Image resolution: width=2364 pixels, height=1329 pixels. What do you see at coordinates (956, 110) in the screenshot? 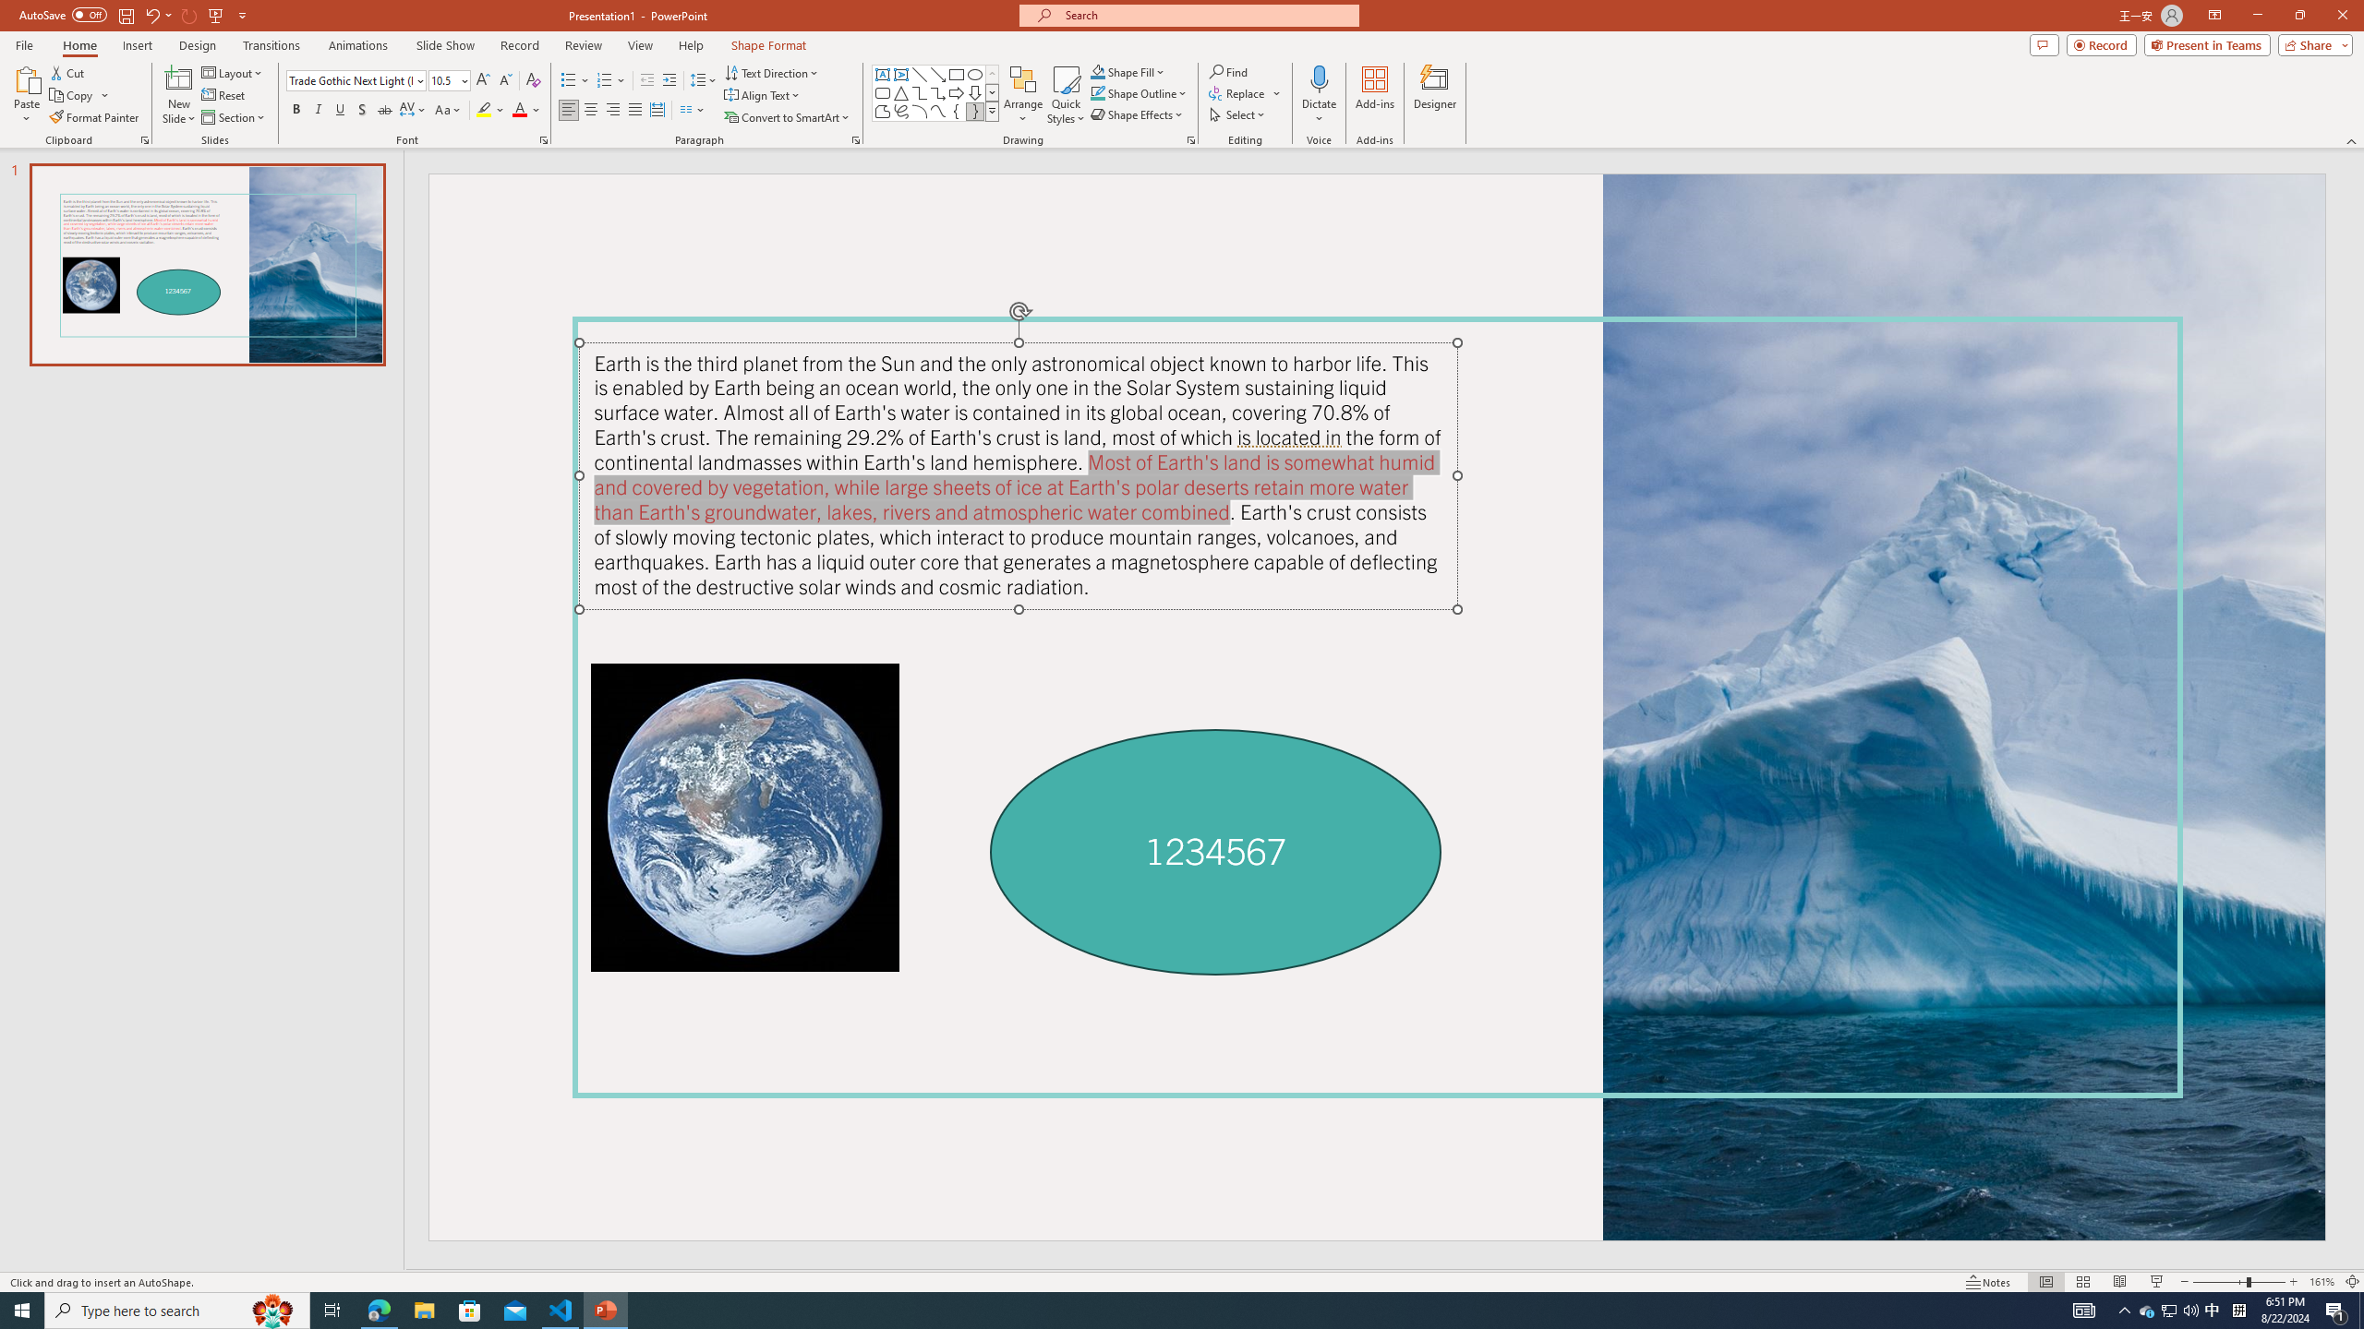
I see `'Left Brace'` at bounding box center [956, 110].